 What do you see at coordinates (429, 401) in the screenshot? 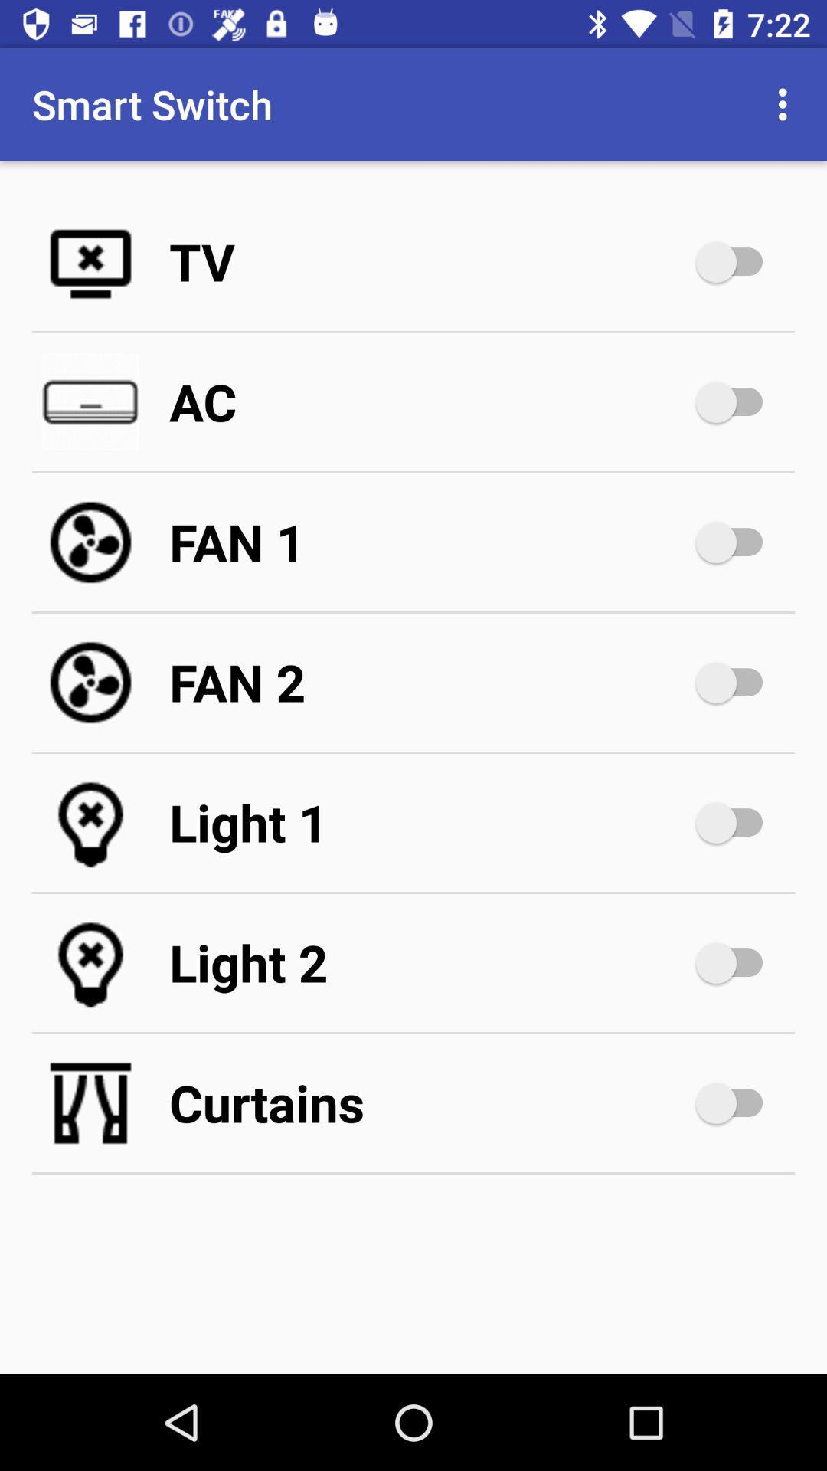
I see `the item below tv item` at bounding box center [429, 401].